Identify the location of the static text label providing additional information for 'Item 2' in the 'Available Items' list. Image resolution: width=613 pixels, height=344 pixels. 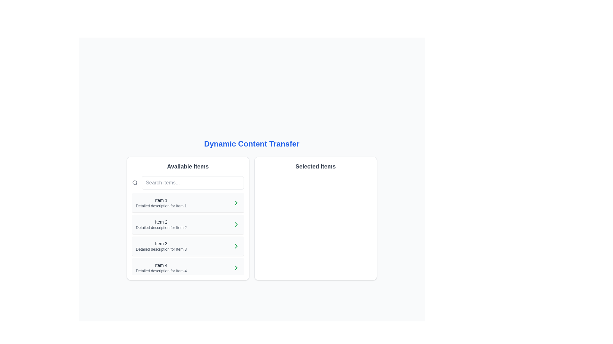
(161, 227).